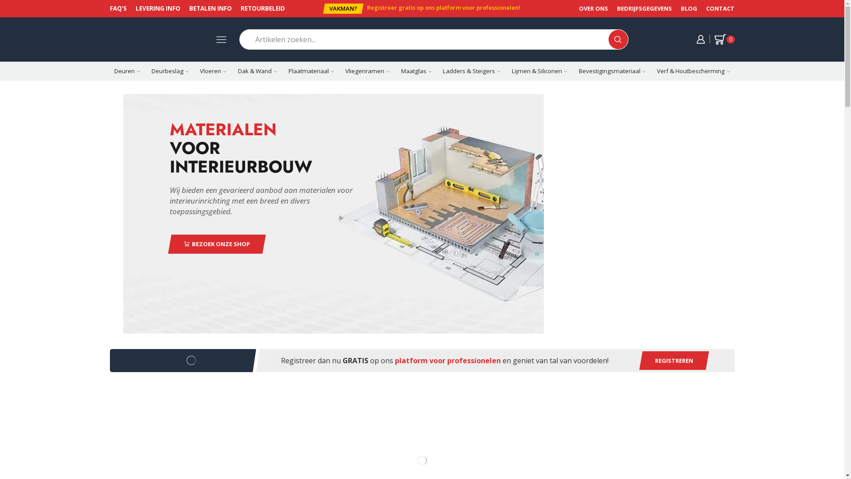 This screenshot has width=851, height=479. Describe the element at coordinates (257, 71) in the screenshot. I see `'Dak & Wand'` at that location.